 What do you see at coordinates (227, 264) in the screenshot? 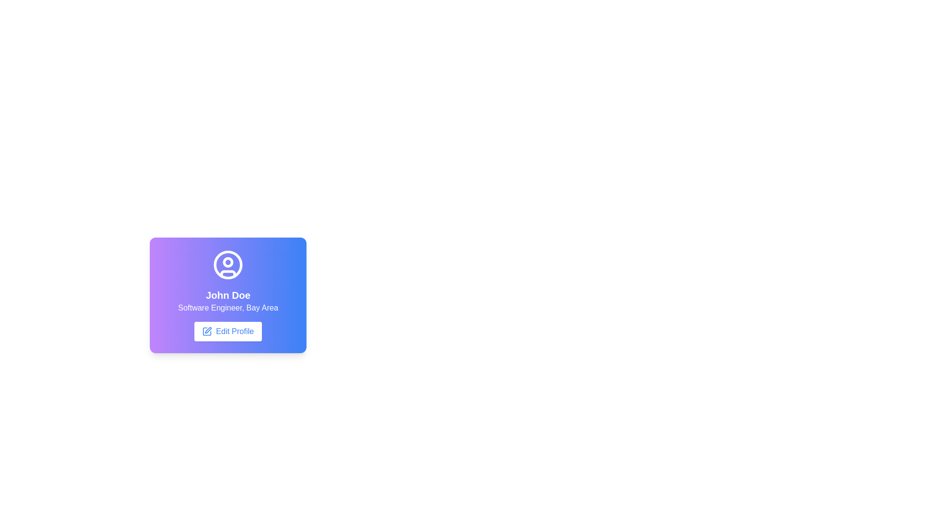
I see `the outermost boundary of the user profile icon, which is a circular shape represented as an outline, centered above the text 'John Doe'` at bounding box center [227, 264].